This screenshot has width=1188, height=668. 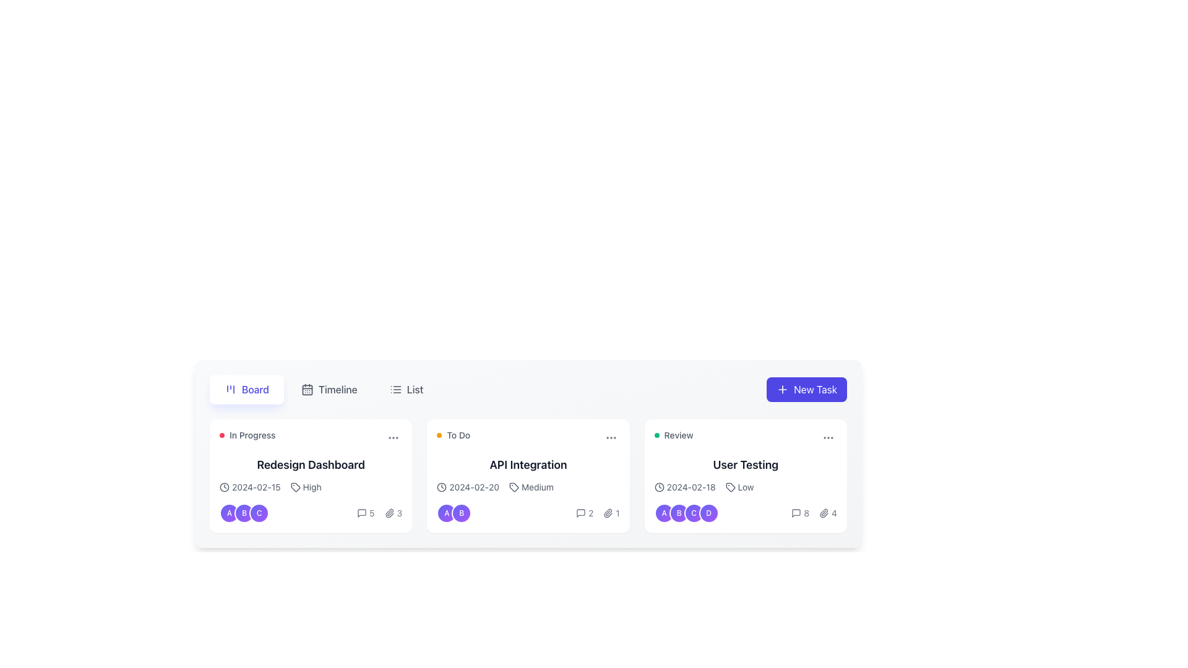 I want to click on the date text '2024-02-20' next to the clock icon, so click(x=467, y=486).